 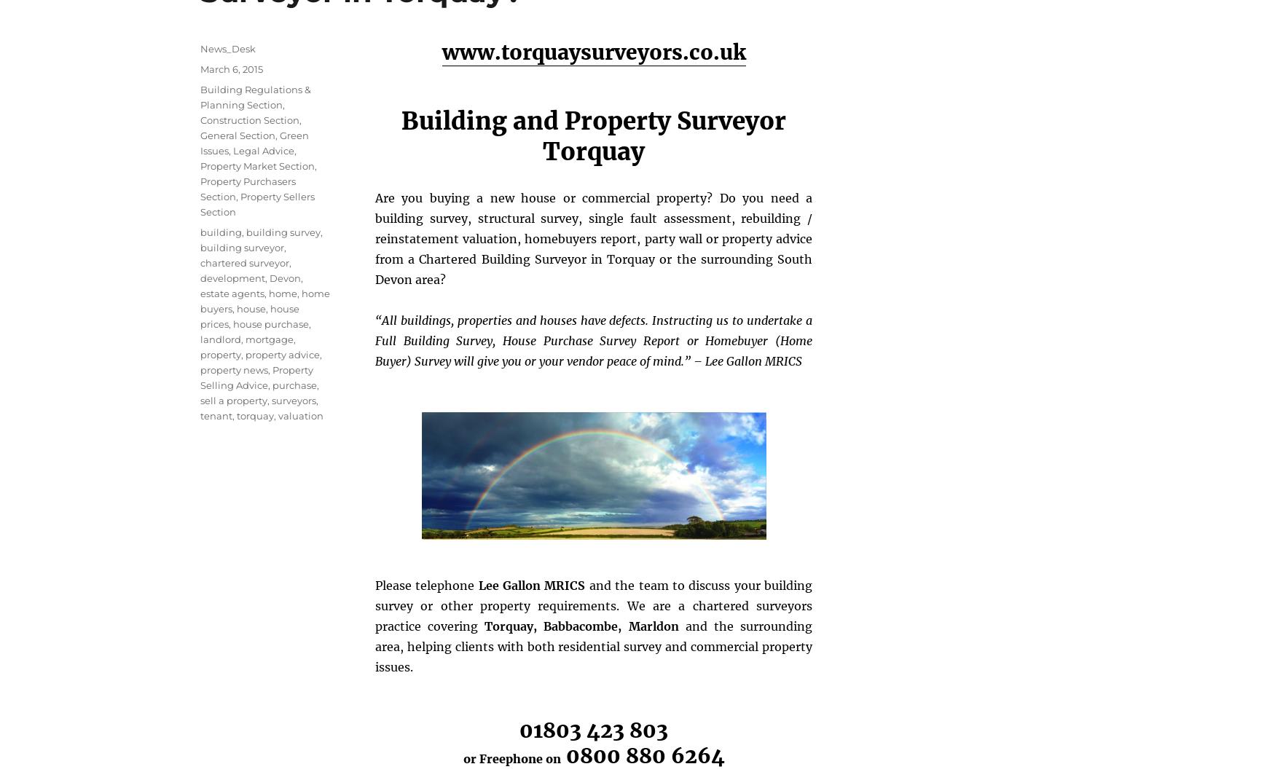 I want to click on 'torquay', so click(x=236, y=414).